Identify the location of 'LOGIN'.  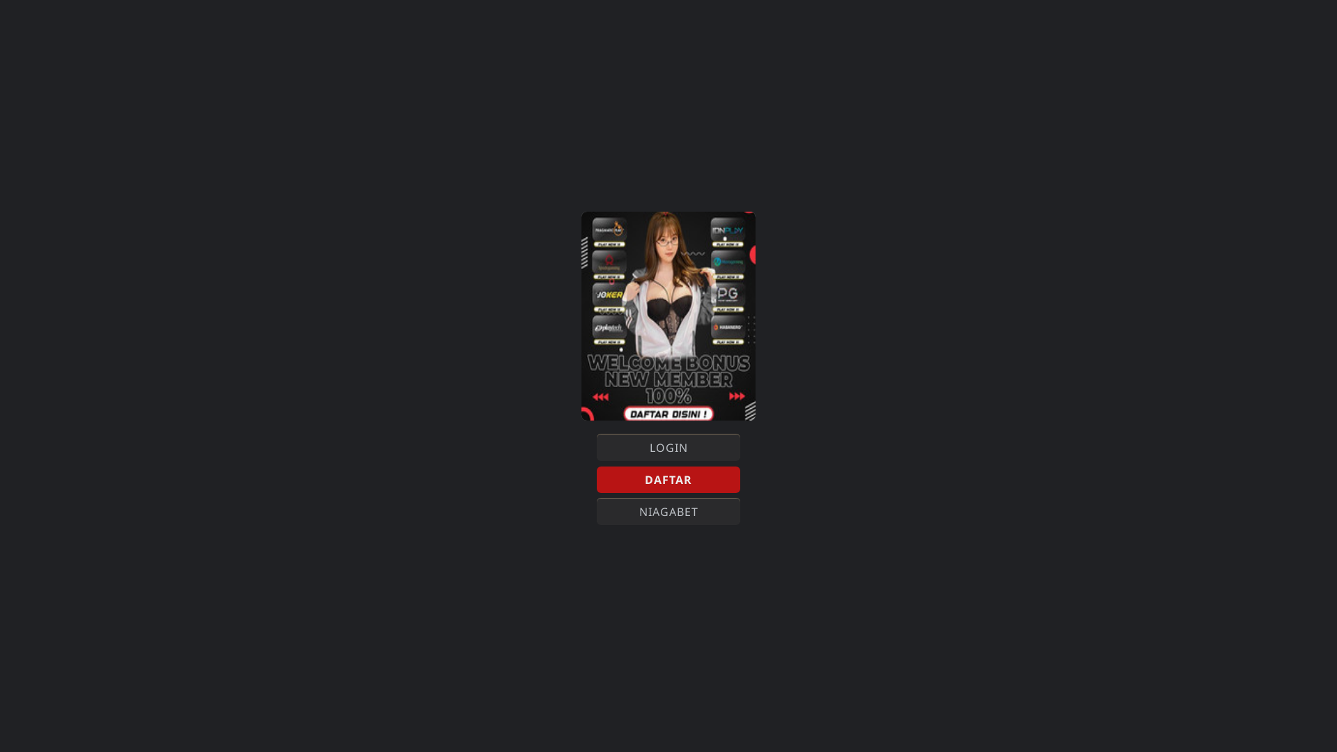
(668, 448).